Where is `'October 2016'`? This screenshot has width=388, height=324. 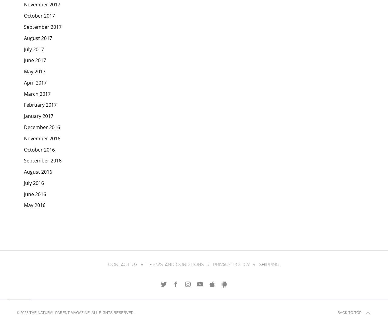
'October 2016' is located at coordinates (39, 149).